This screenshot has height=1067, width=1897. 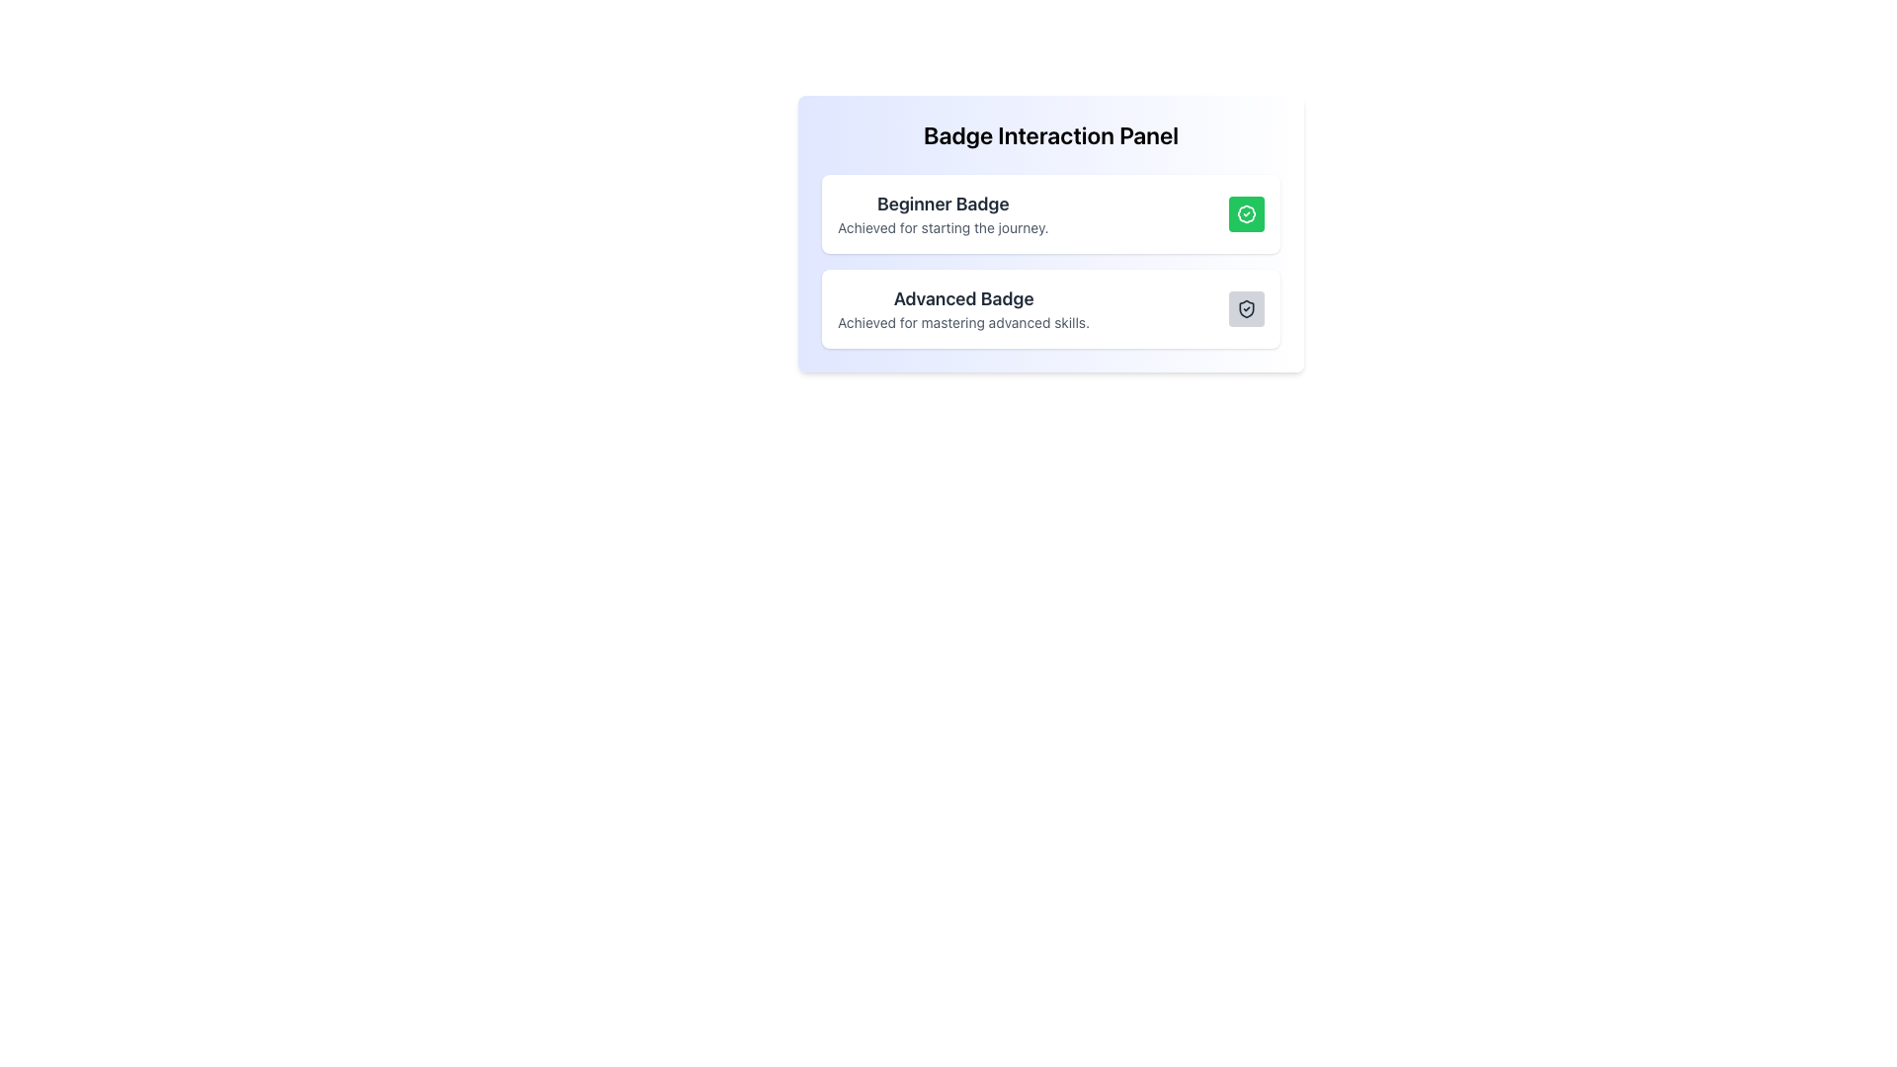 What do you see at coordinates (1246, 308) in the screenshot?
I see `the shield icon with a checkmark in the 'Advanced Badge' section of the 'Badge Interaction Panel'` at bounding box center [1246, 308].